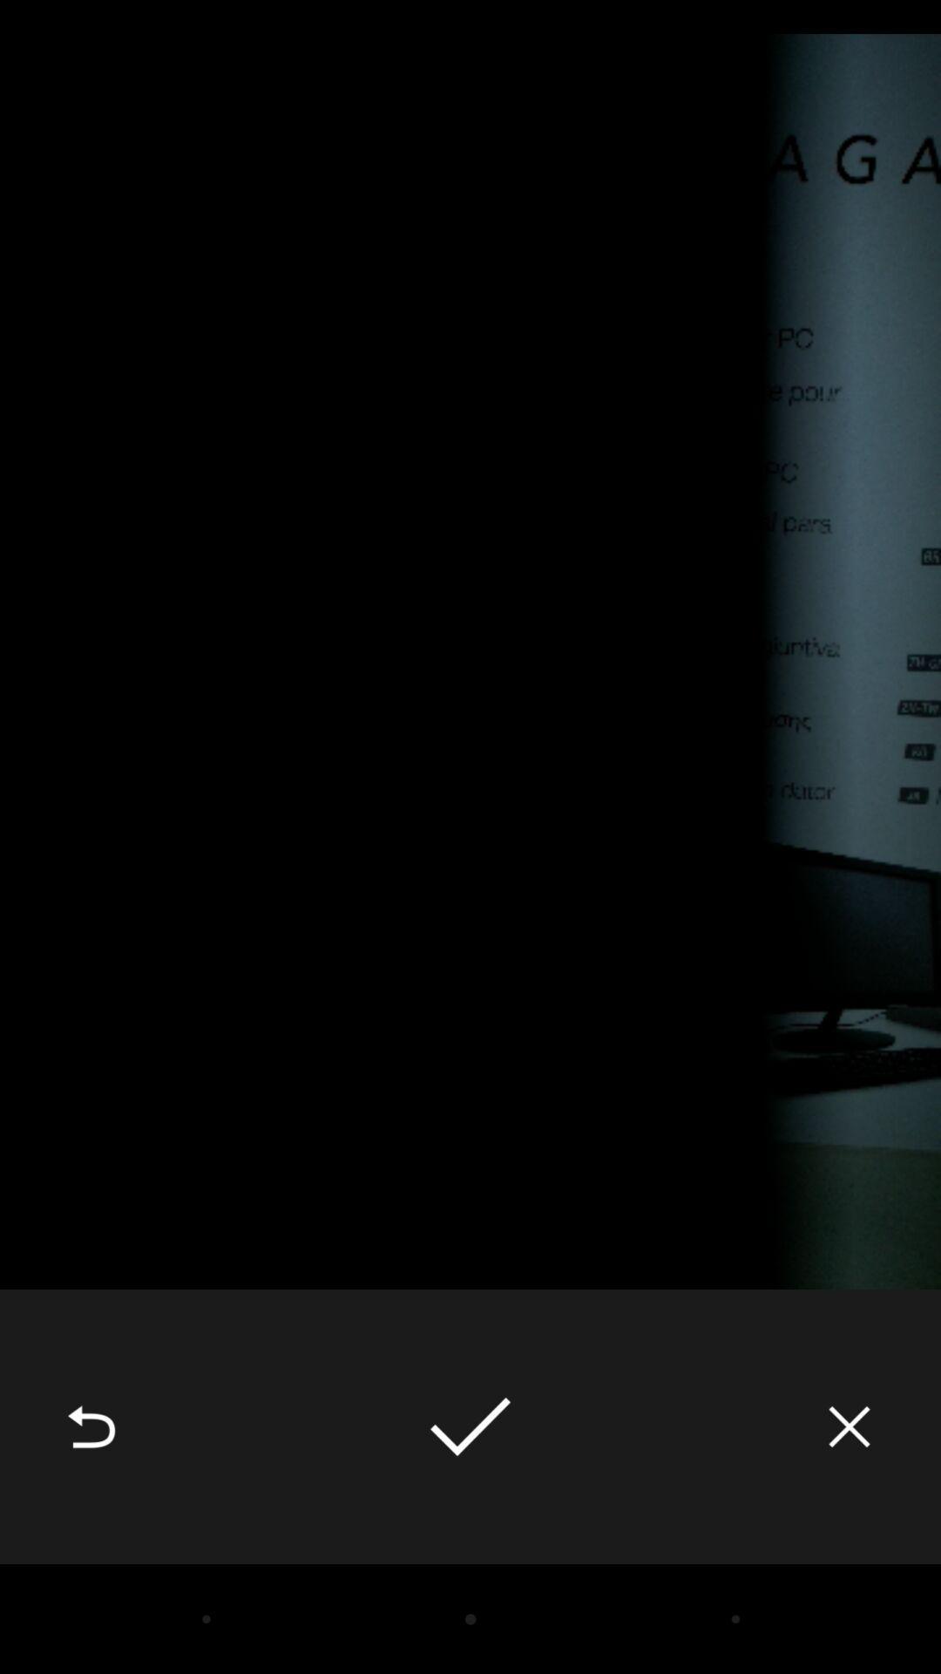  What do you see at coordinates (849, 1426) in the screenshot?
I see `icon at the bottom right corner` at bounding box center [849, 1426].